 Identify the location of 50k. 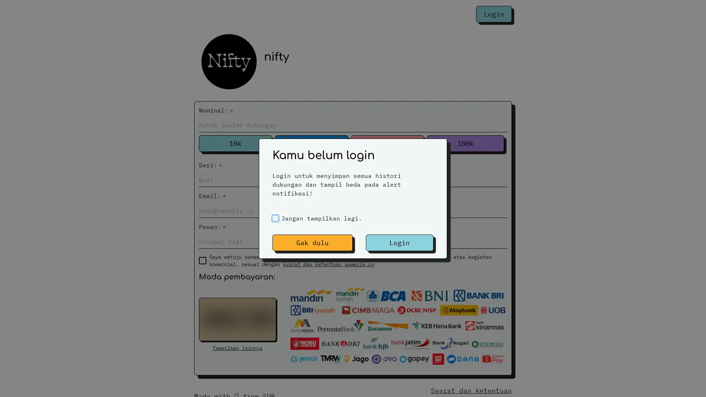
(387, 143).